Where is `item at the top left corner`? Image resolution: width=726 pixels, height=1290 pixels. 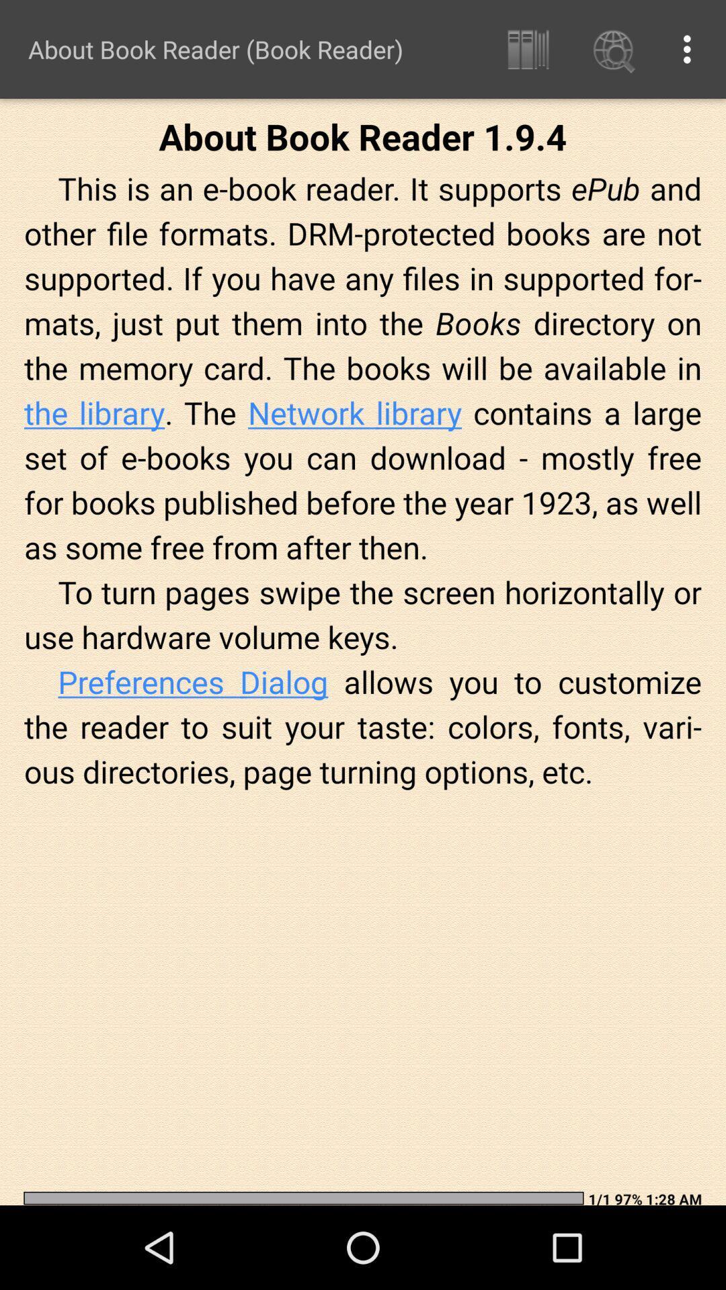 item at the top left corner is located at coordinates (214, 49).